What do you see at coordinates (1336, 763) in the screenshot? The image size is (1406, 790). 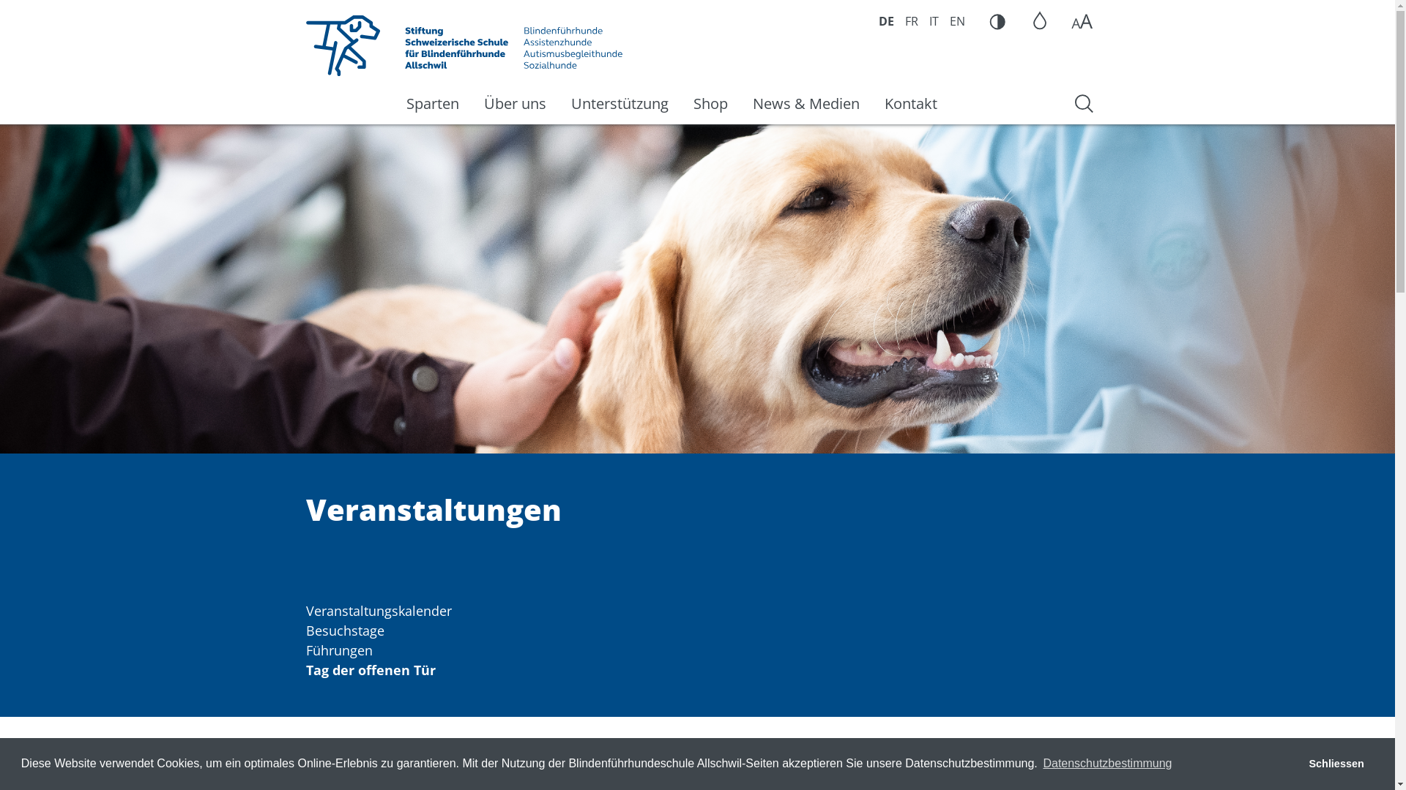 I see `'Schliessen'` at bounding box center [1336, 763].